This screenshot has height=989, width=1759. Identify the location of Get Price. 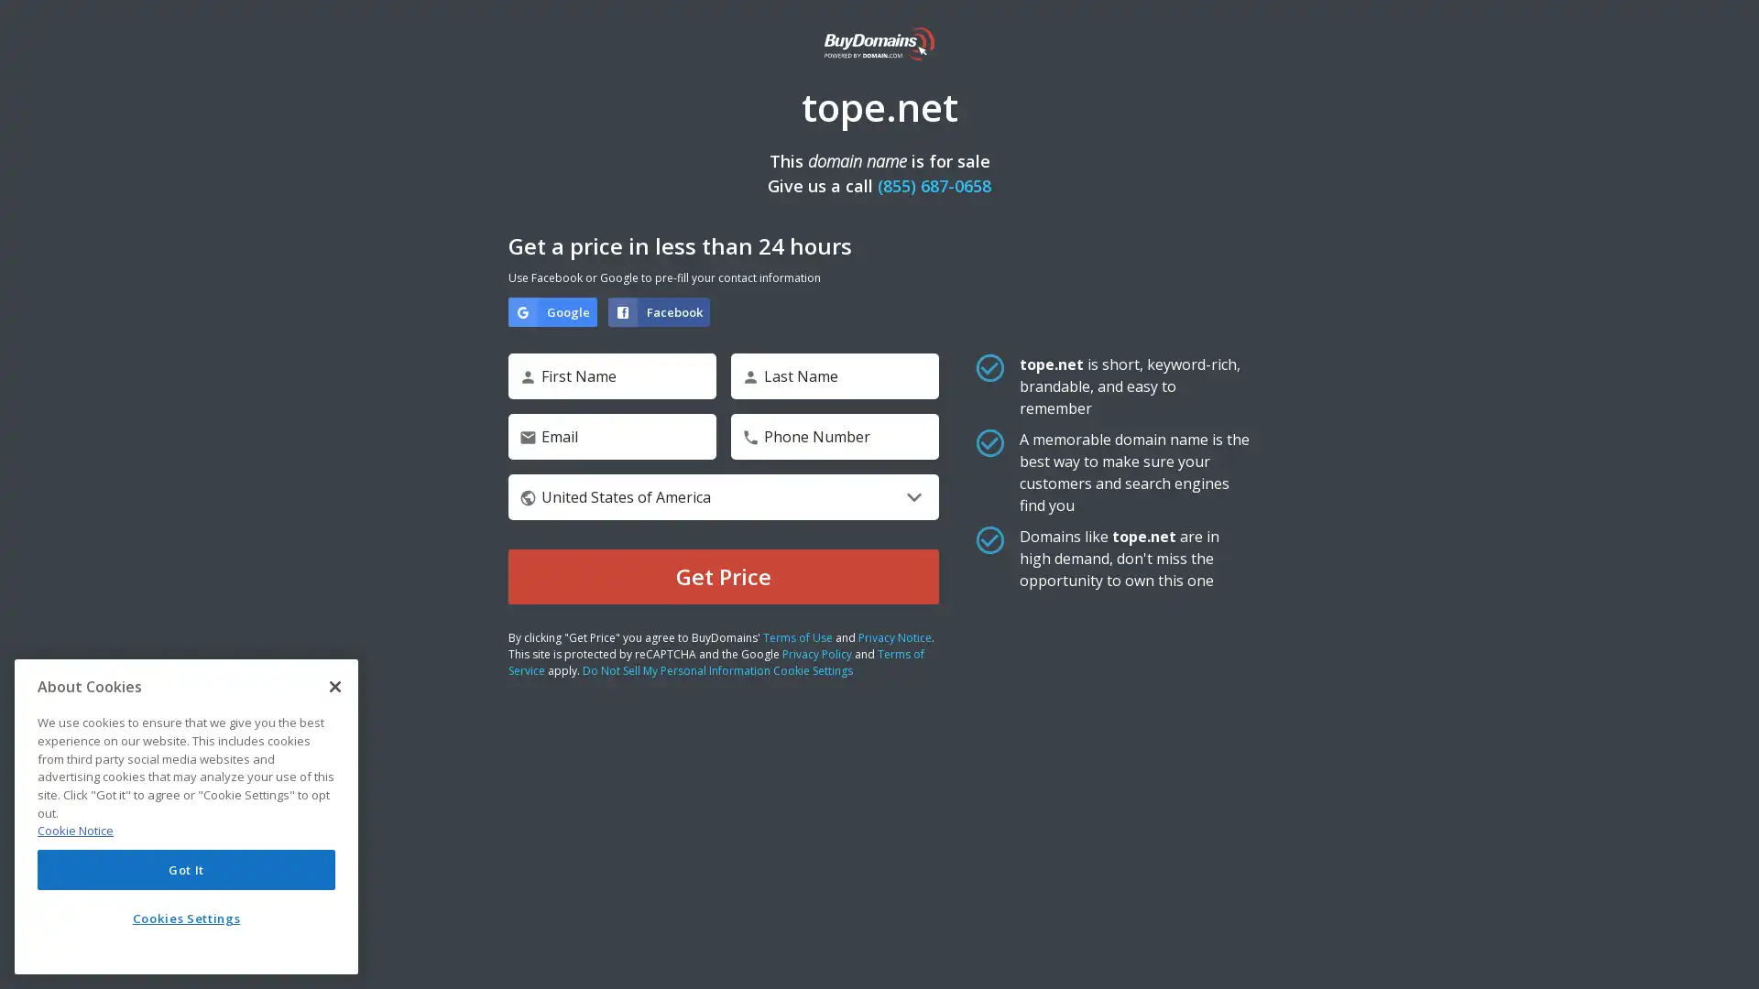
(723, 575).